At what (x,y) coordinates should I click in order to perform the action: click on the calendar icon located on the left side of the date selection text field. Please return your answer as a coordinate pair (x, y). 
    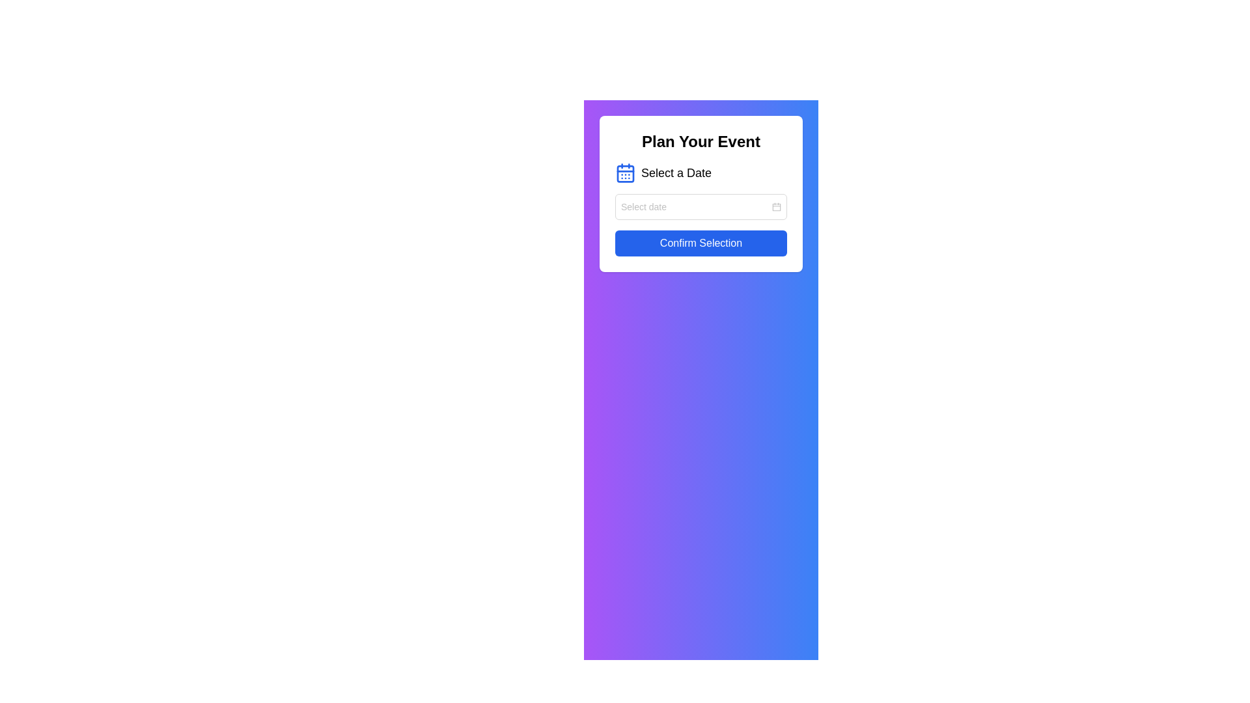
    Looking at the image, I should click on (777, 206).